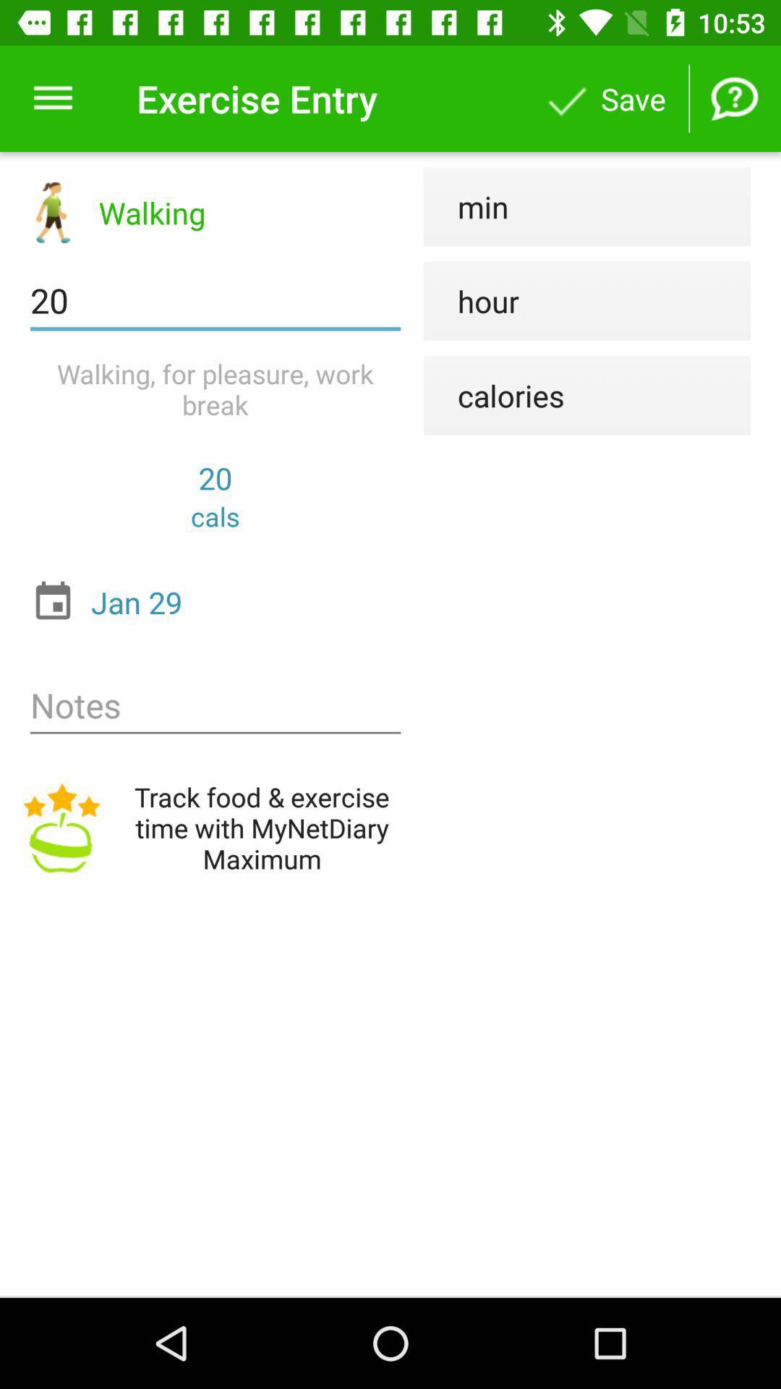 This screenshot has height=1389, width=781. I want to click on icon above the   calories, so click(471, 300).